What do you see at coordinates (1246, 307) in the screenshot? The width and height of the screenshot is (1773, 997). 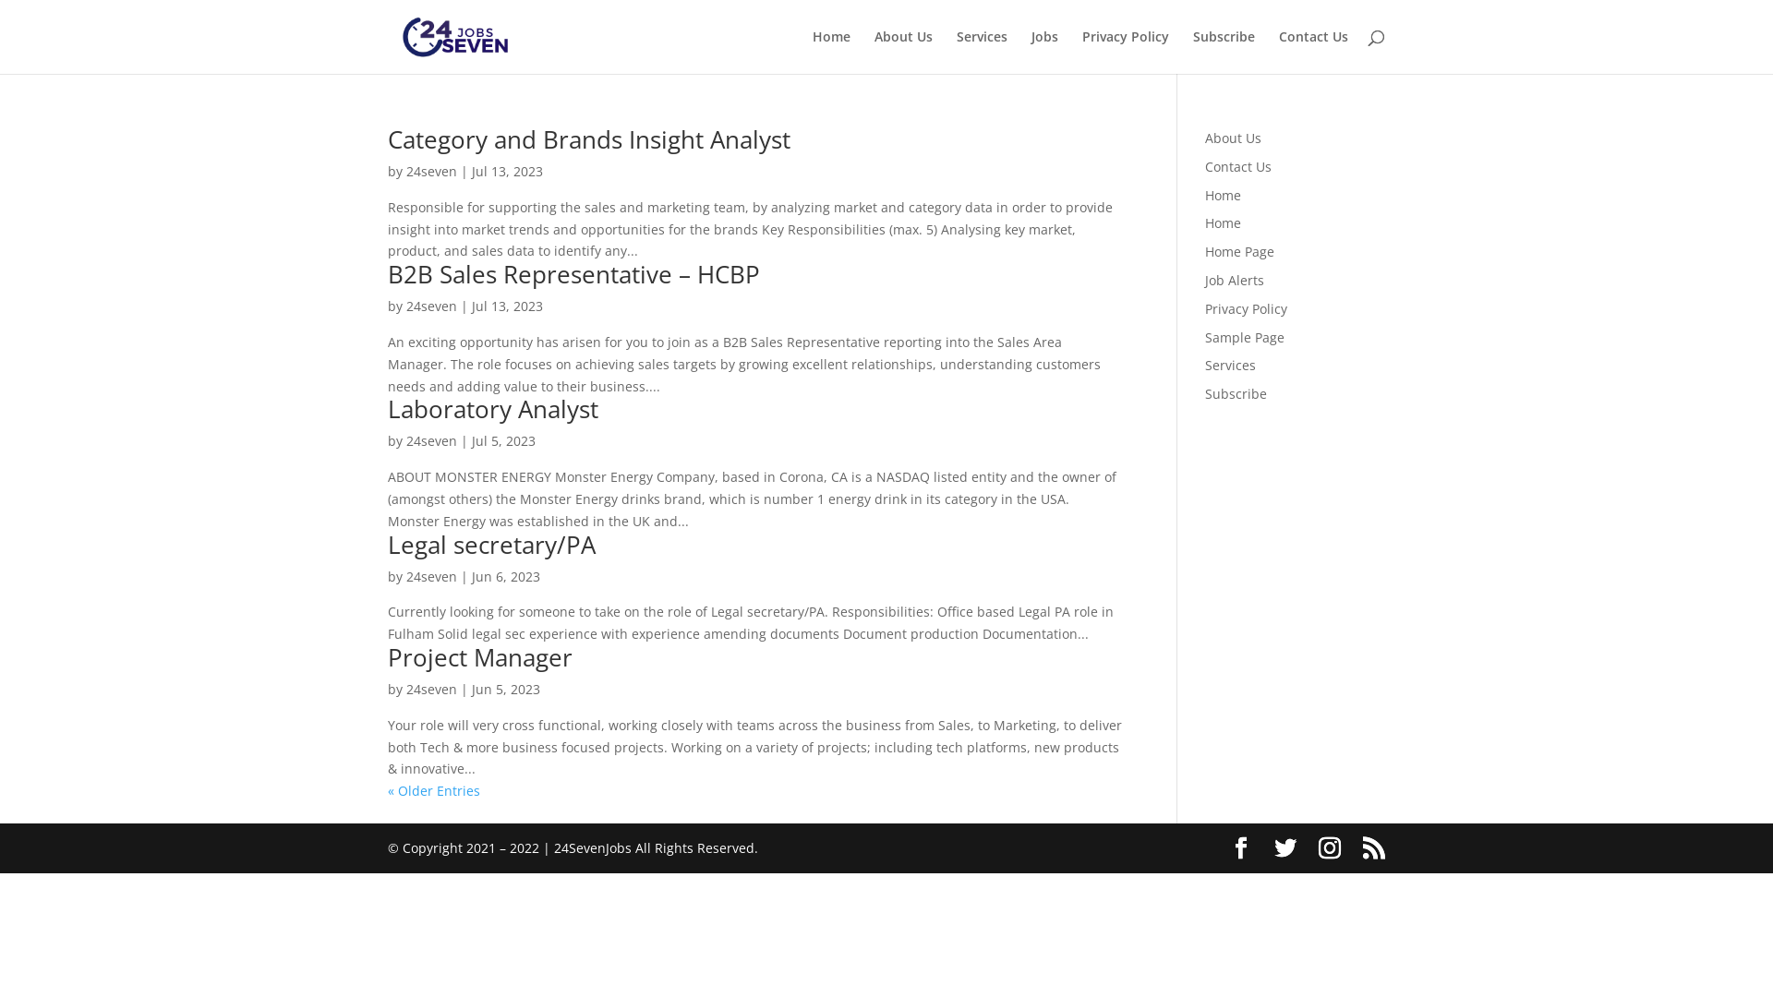 I see `'Privacy Policy'` at bounding box center [1246, 307].